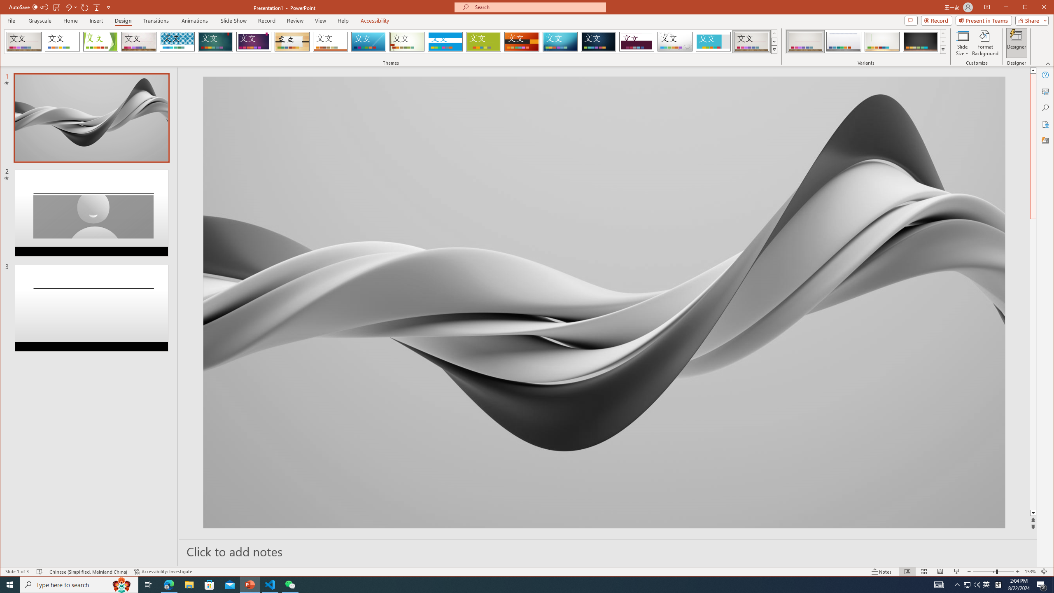 The image size is (1054, 593). What do you see at coordinates (391, 41) in the screenshot?
I see `'AutomationID: SlideThemesGallery'` at bounding box center [391, 41].